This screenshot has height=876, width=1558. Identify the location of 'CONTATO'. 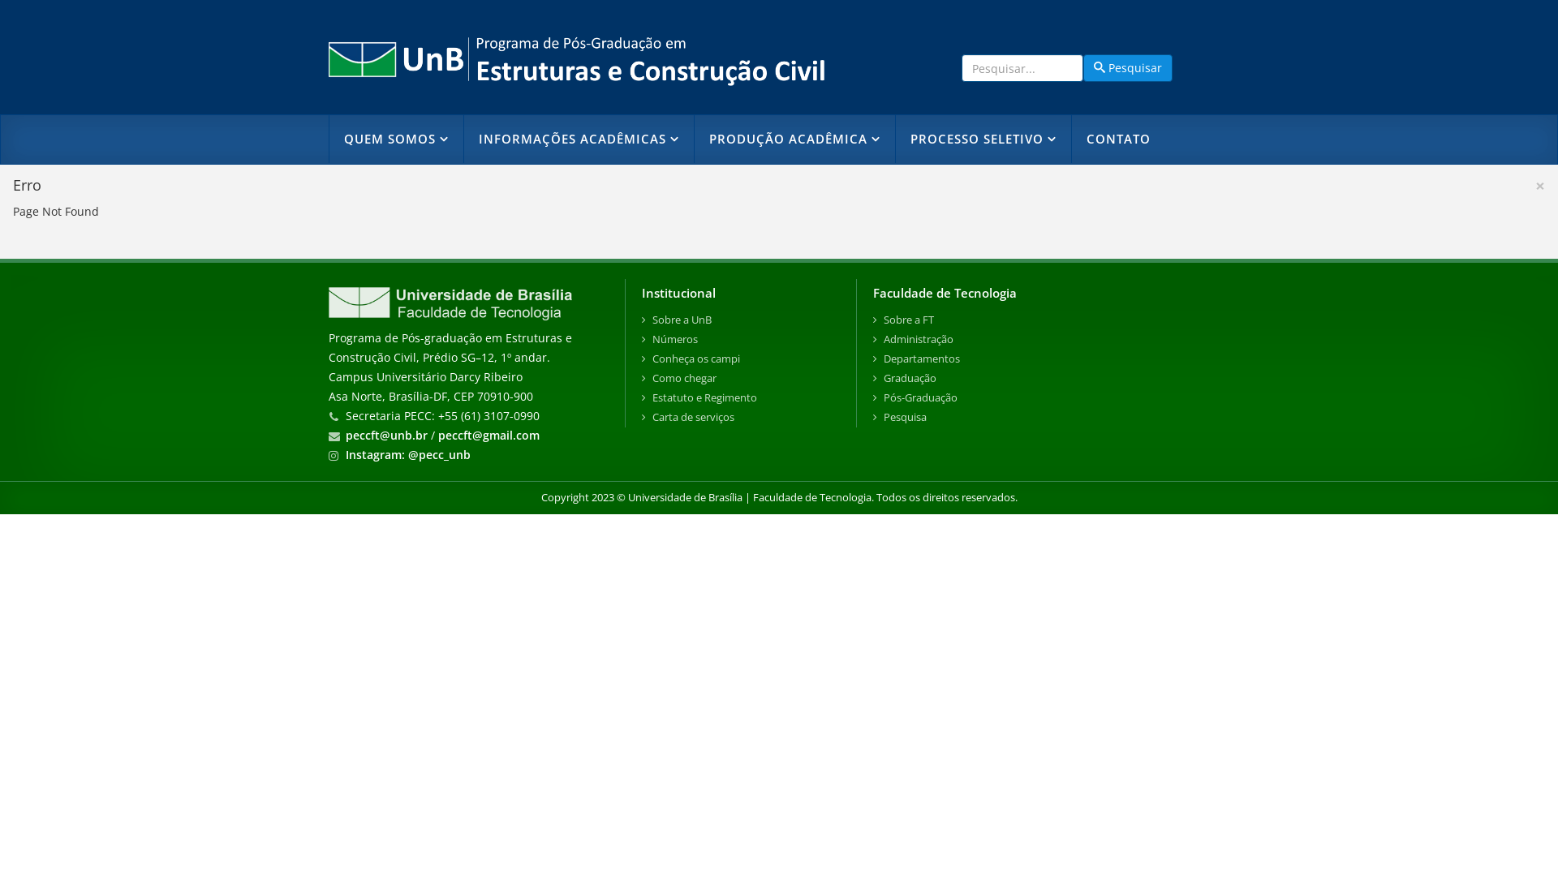
(1117, 138).